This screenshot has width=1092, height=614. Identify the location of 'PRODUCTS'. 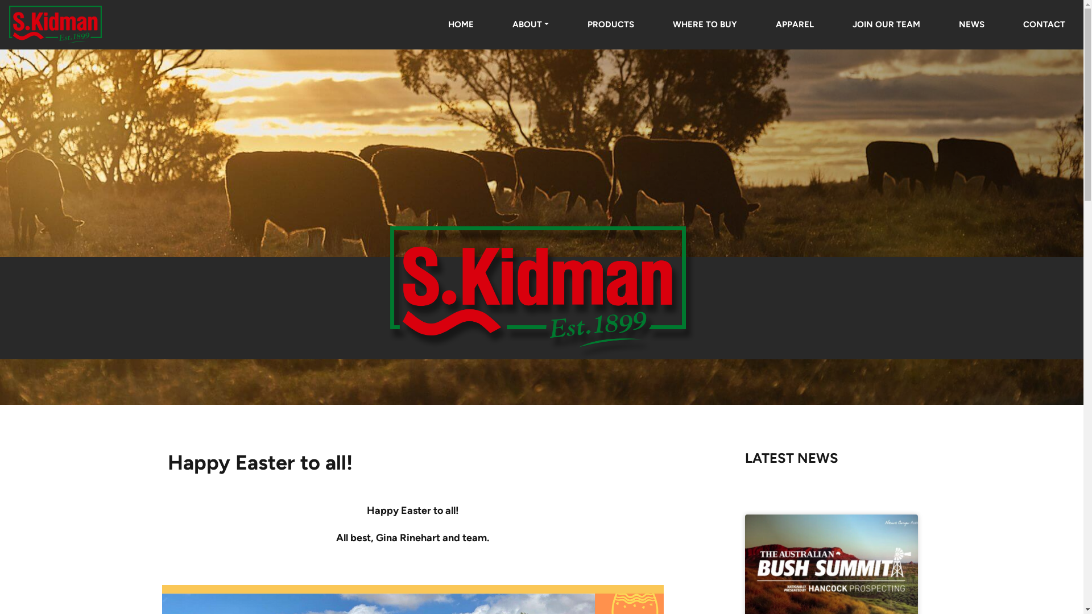
(569, 24).